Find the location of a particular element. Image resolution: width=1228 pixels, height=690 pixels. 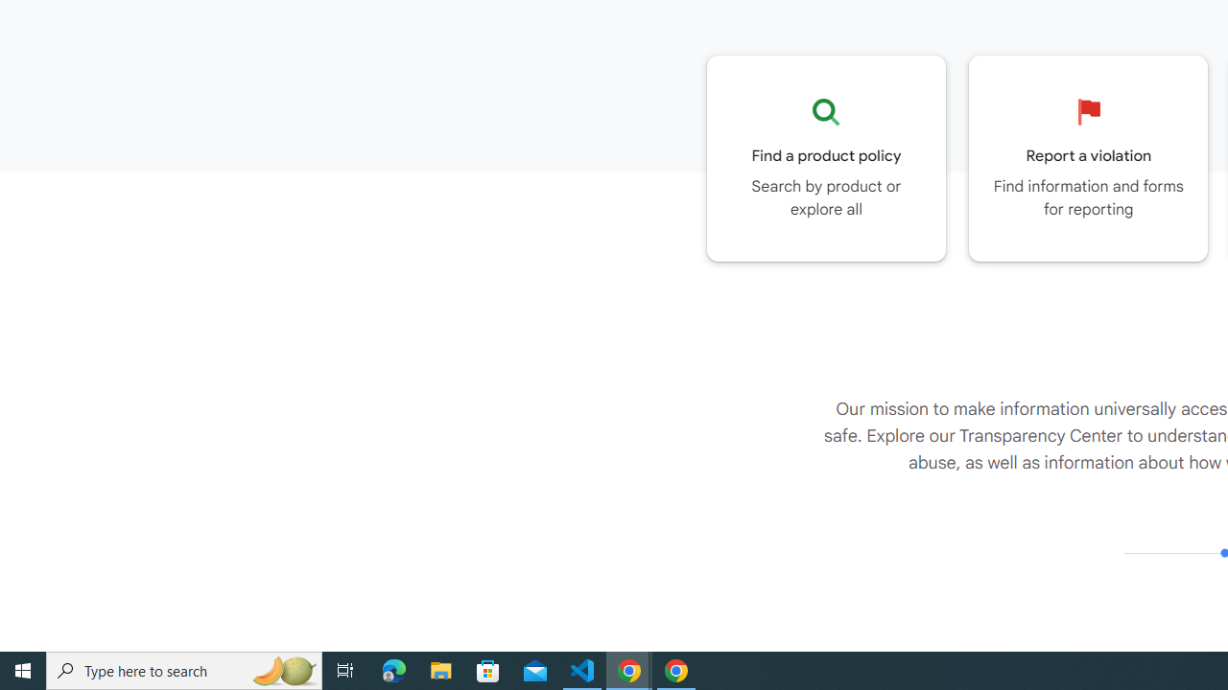

'Go to the Reporting and appeals page' is located at coordinates (1088, 157).